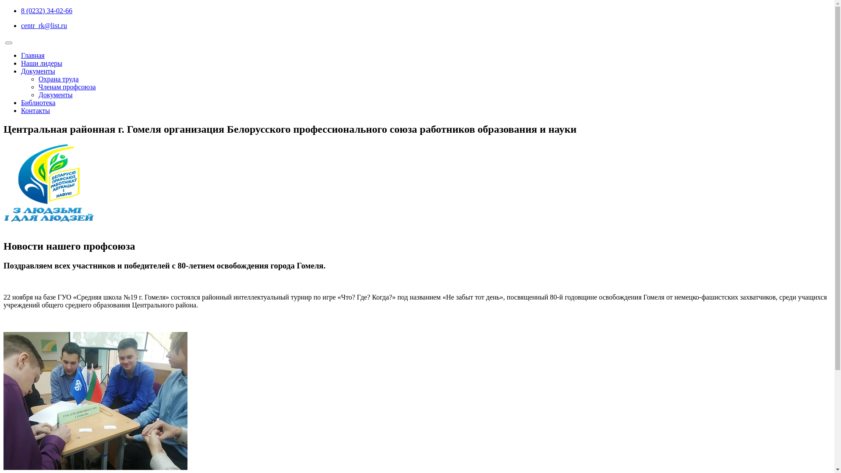 This screenshot has width=841, height=473. Describe the element at coordinates (46, 11) in the screenshot. I see `'8 (0232) 34-02-66'` at that location.